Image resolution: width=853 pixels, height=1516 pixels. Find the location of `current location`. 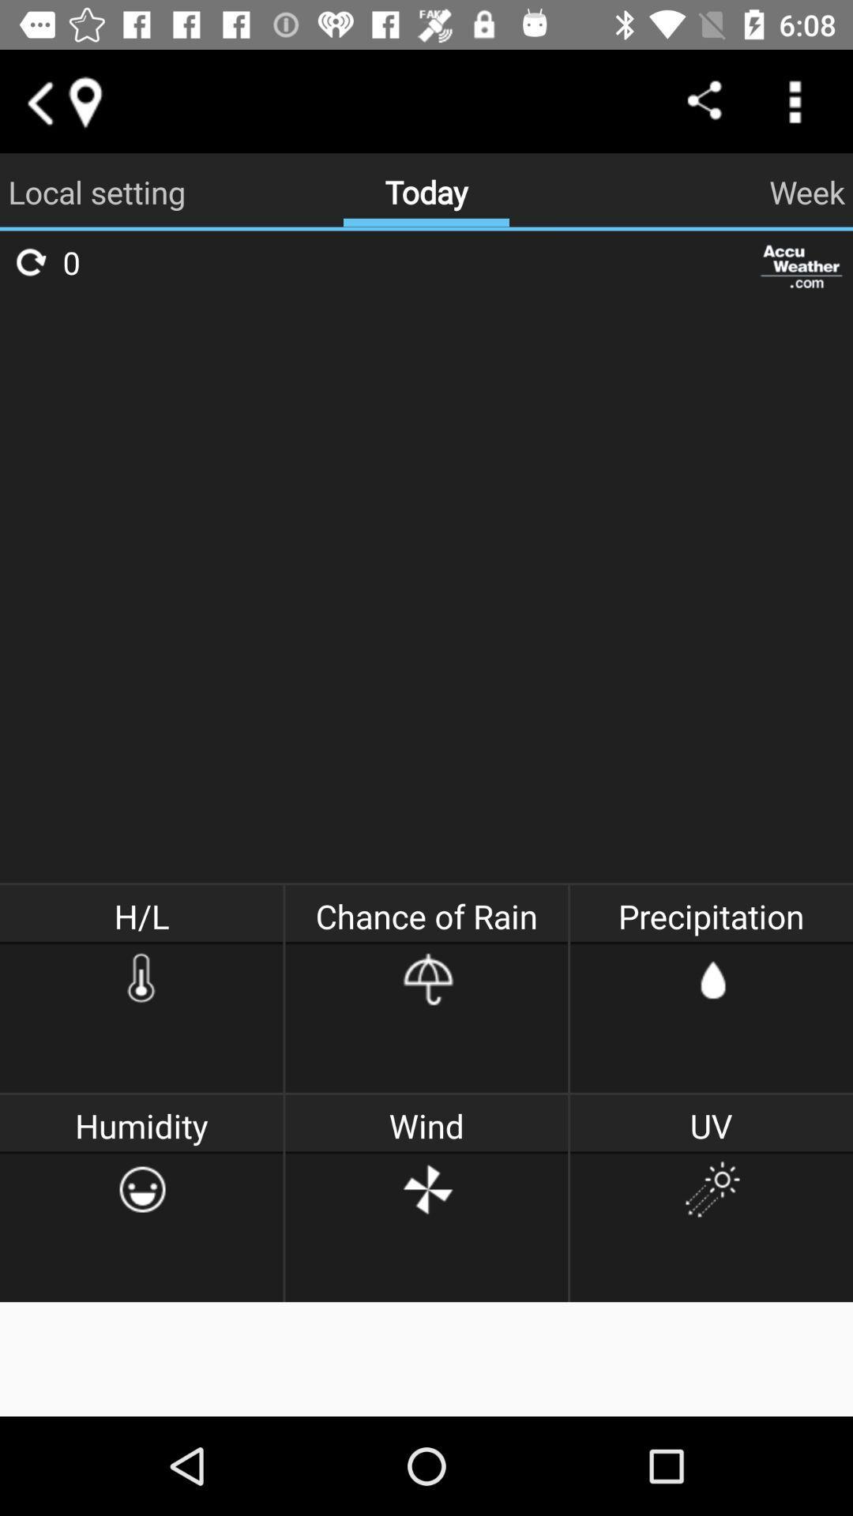

current location is located at coordinates (85, 100).